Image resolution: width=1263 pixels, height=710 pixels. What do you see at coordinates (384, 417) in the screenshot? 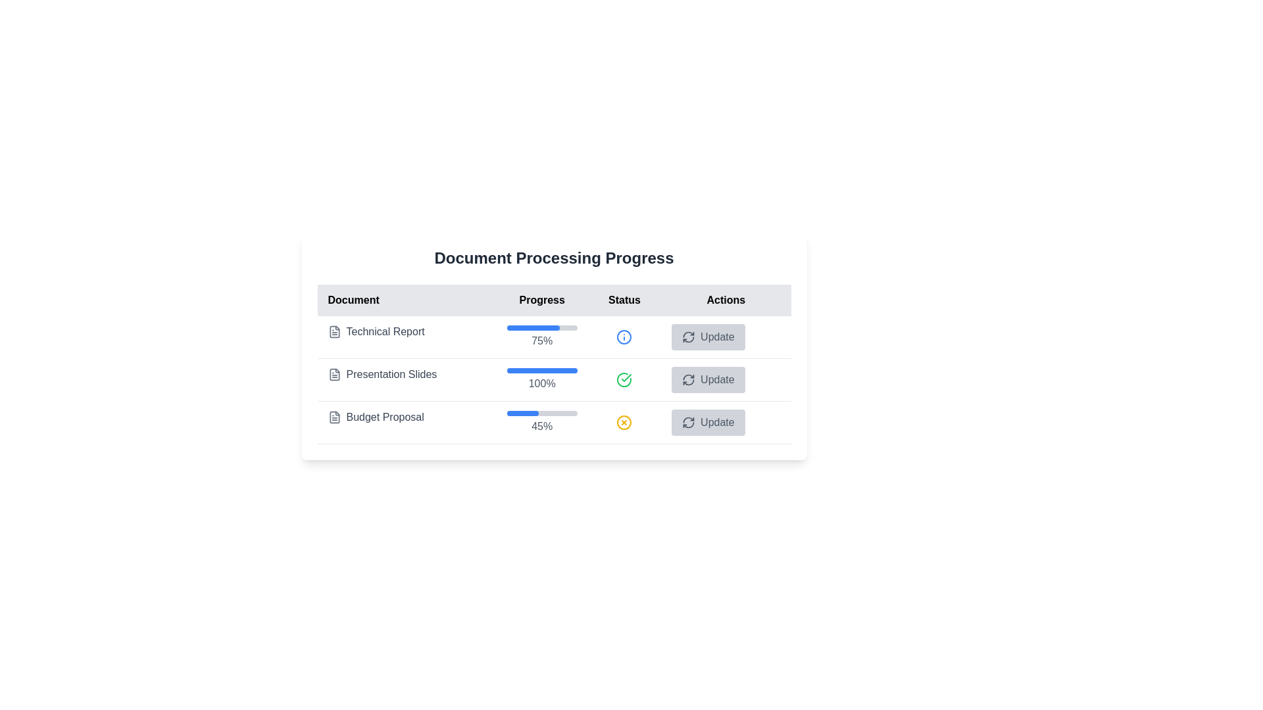
I see `text of the text label titled 'Budget Proposal', which is the third title under 'Document Processing Progress'` at bounding box center [384, 417].